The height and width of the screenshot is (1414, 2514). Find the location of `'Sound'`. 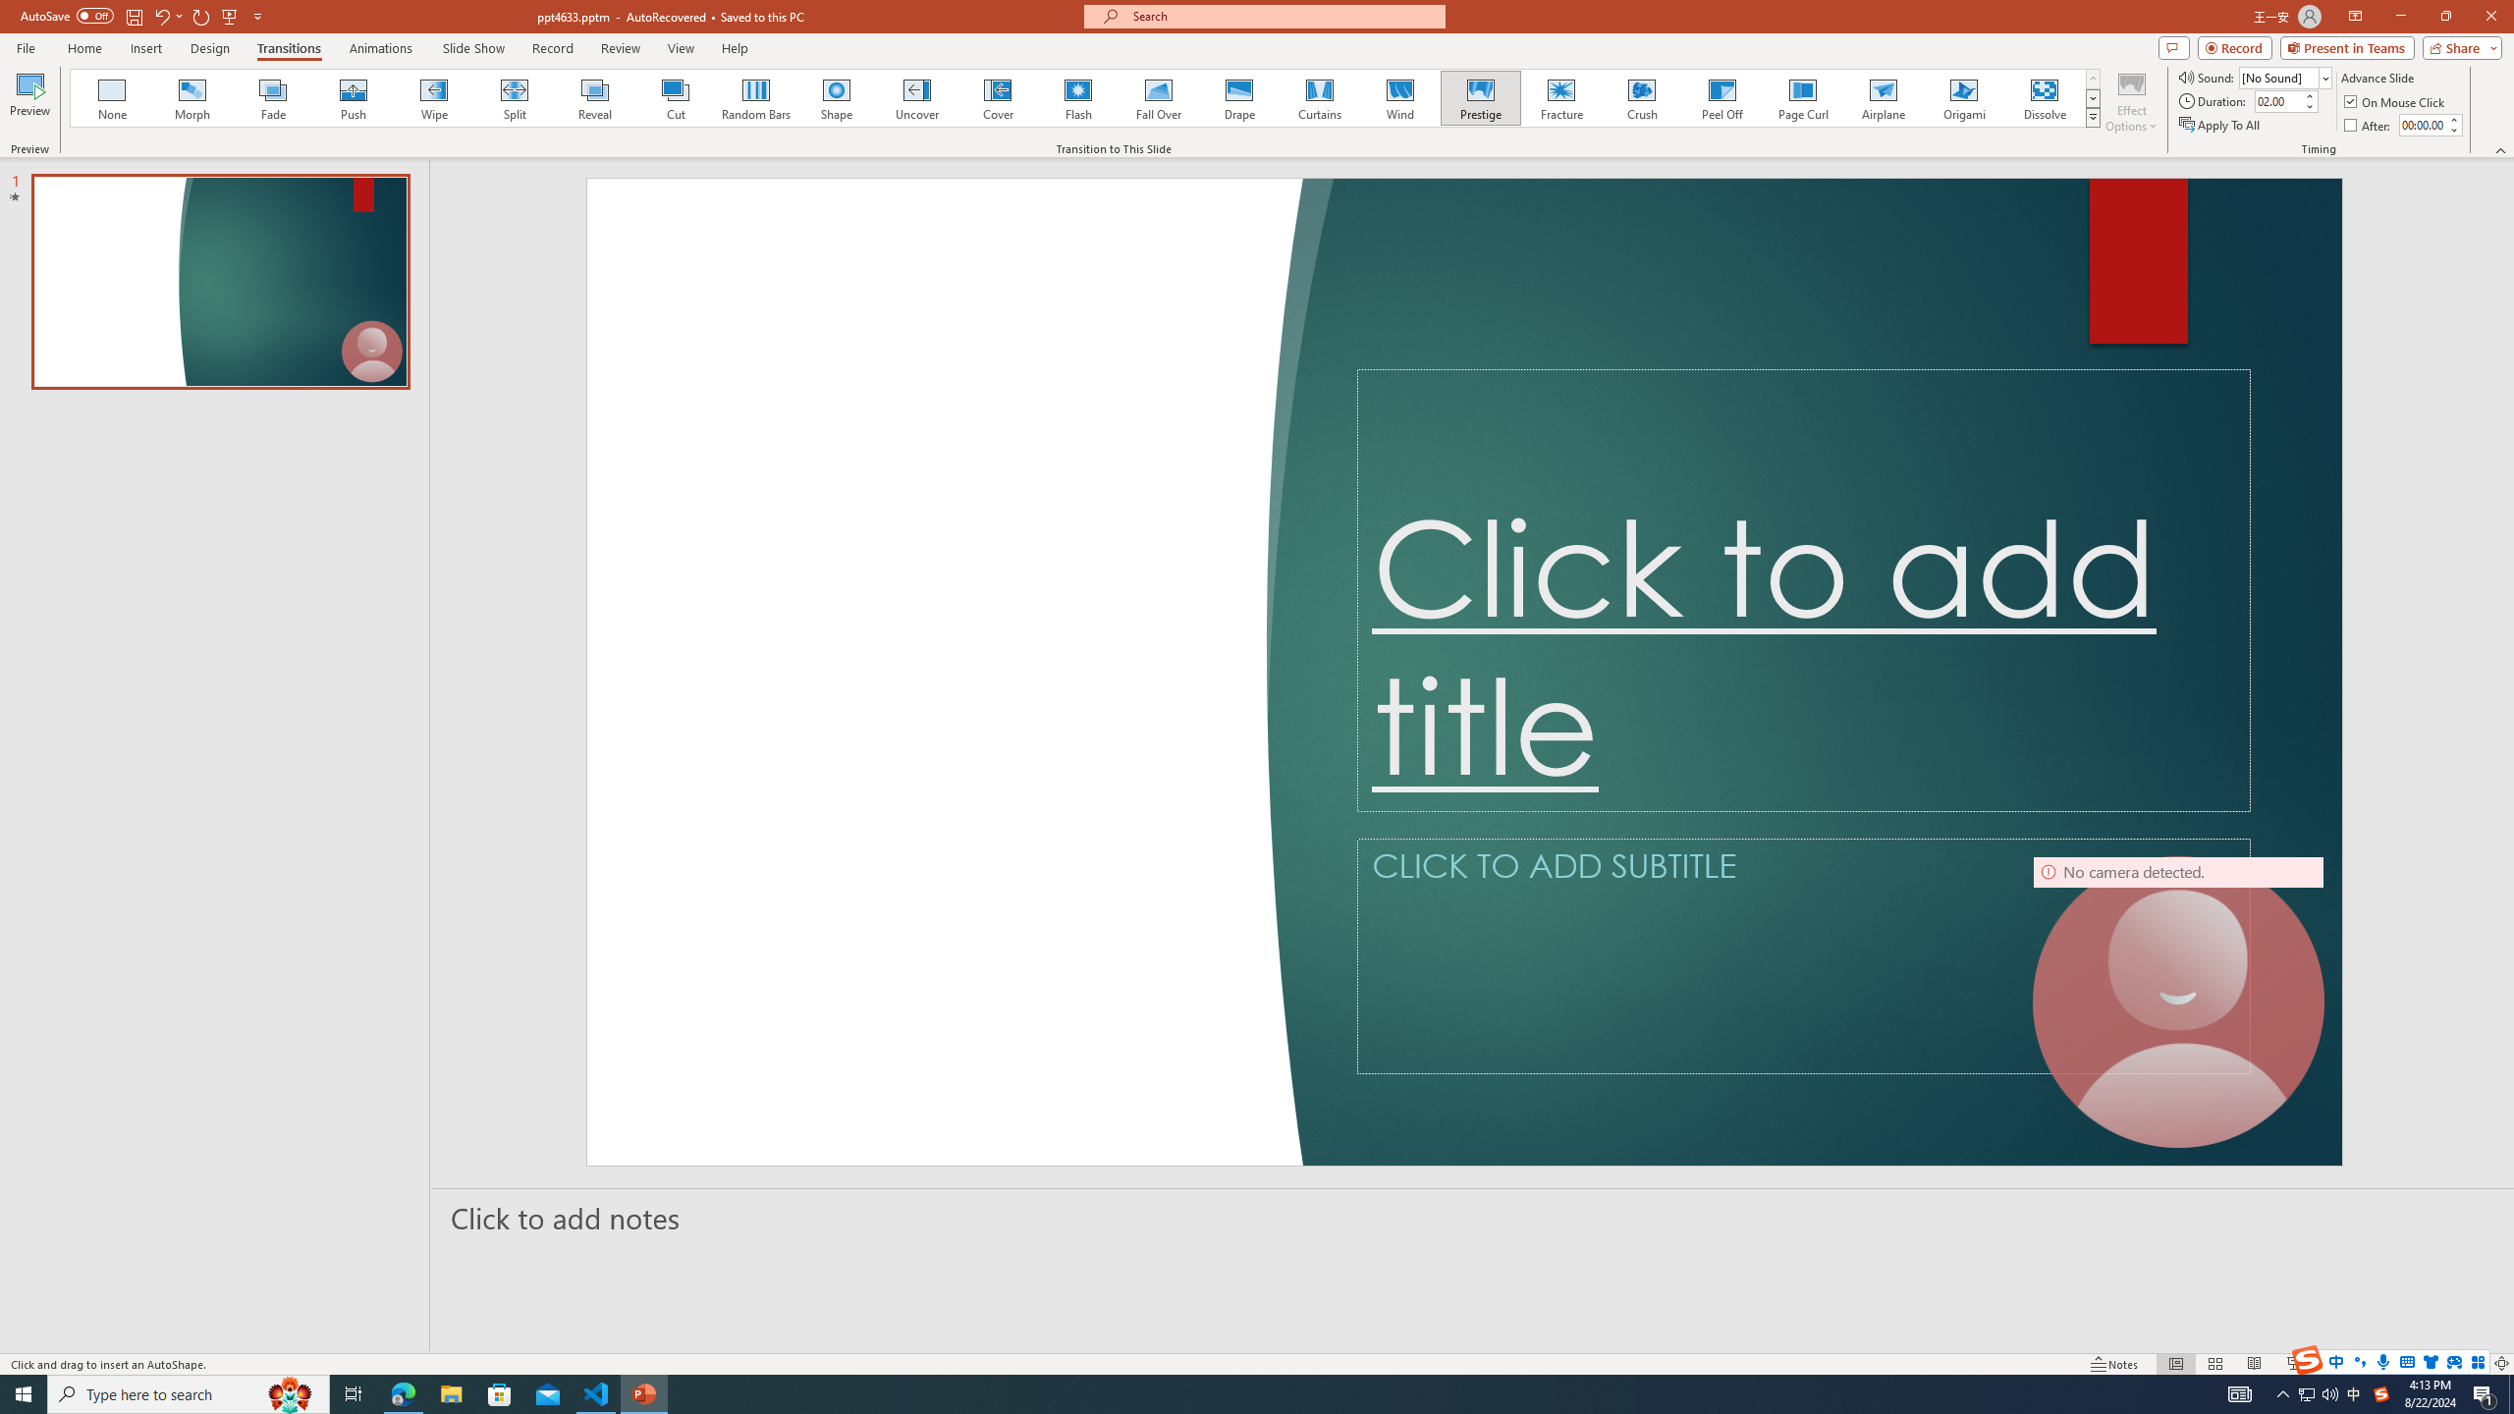

'Sound' is located at coordinates (2285, 77).